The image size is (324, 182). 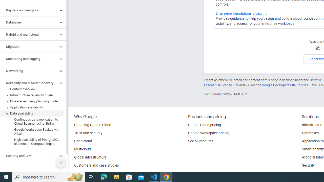 What do you see at coordinates (29, 58) in the screenshot?
I see `'Monitoring and logging'` at bounding box center [29, 58].